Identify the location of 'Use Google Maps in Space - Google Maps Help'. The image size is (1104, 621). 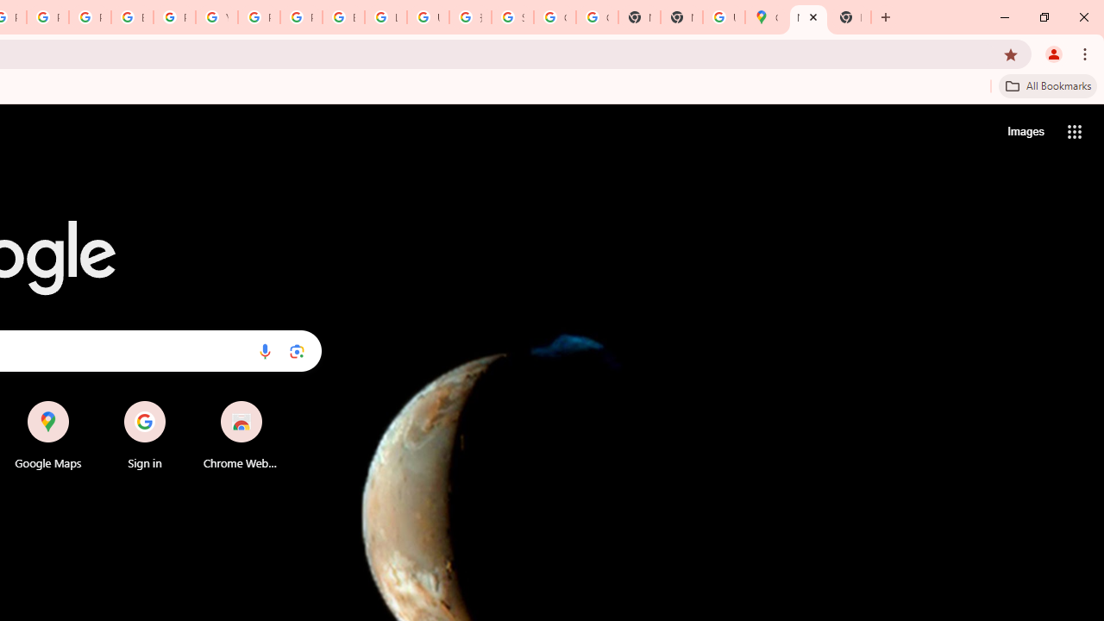
(724, 17).